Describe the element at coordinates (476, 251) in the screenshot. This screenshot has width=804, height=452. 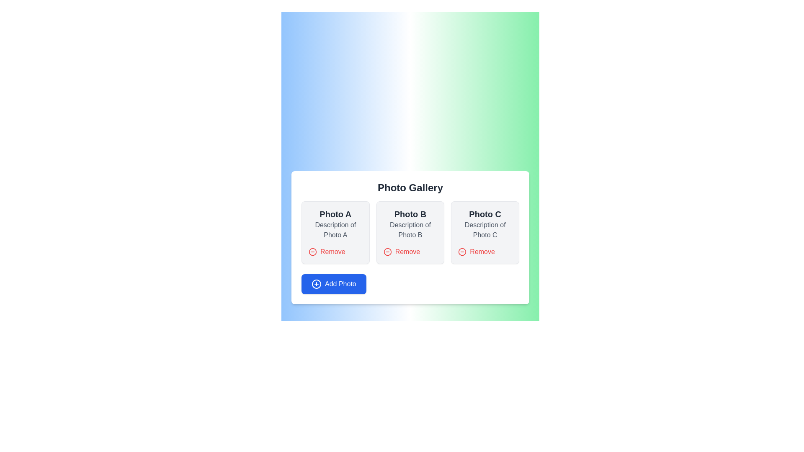
I see `the removal button located at the bottom-right corner of the card titled 'Photo C'` at that location.